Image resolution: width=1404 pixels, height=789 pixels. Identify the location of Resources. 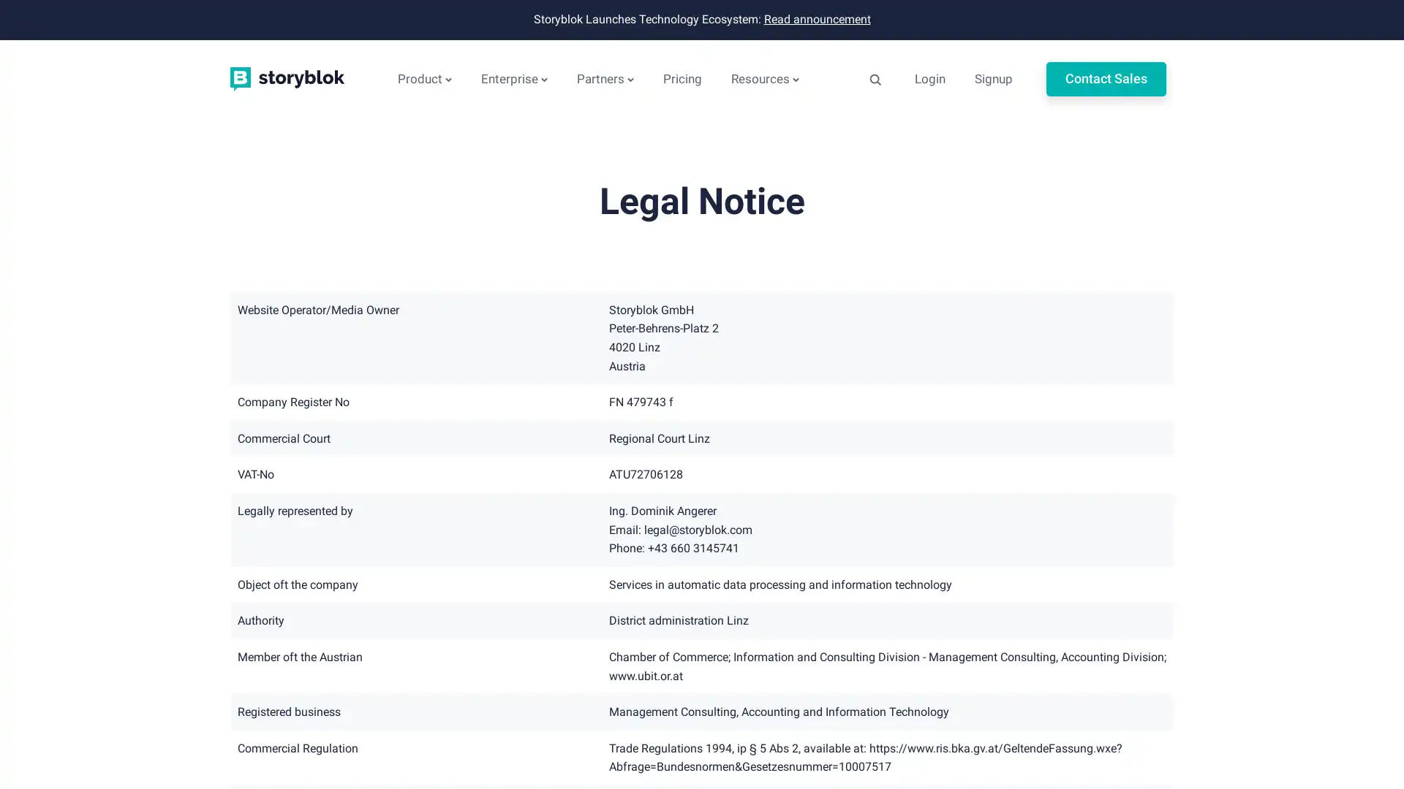
(764, 79).